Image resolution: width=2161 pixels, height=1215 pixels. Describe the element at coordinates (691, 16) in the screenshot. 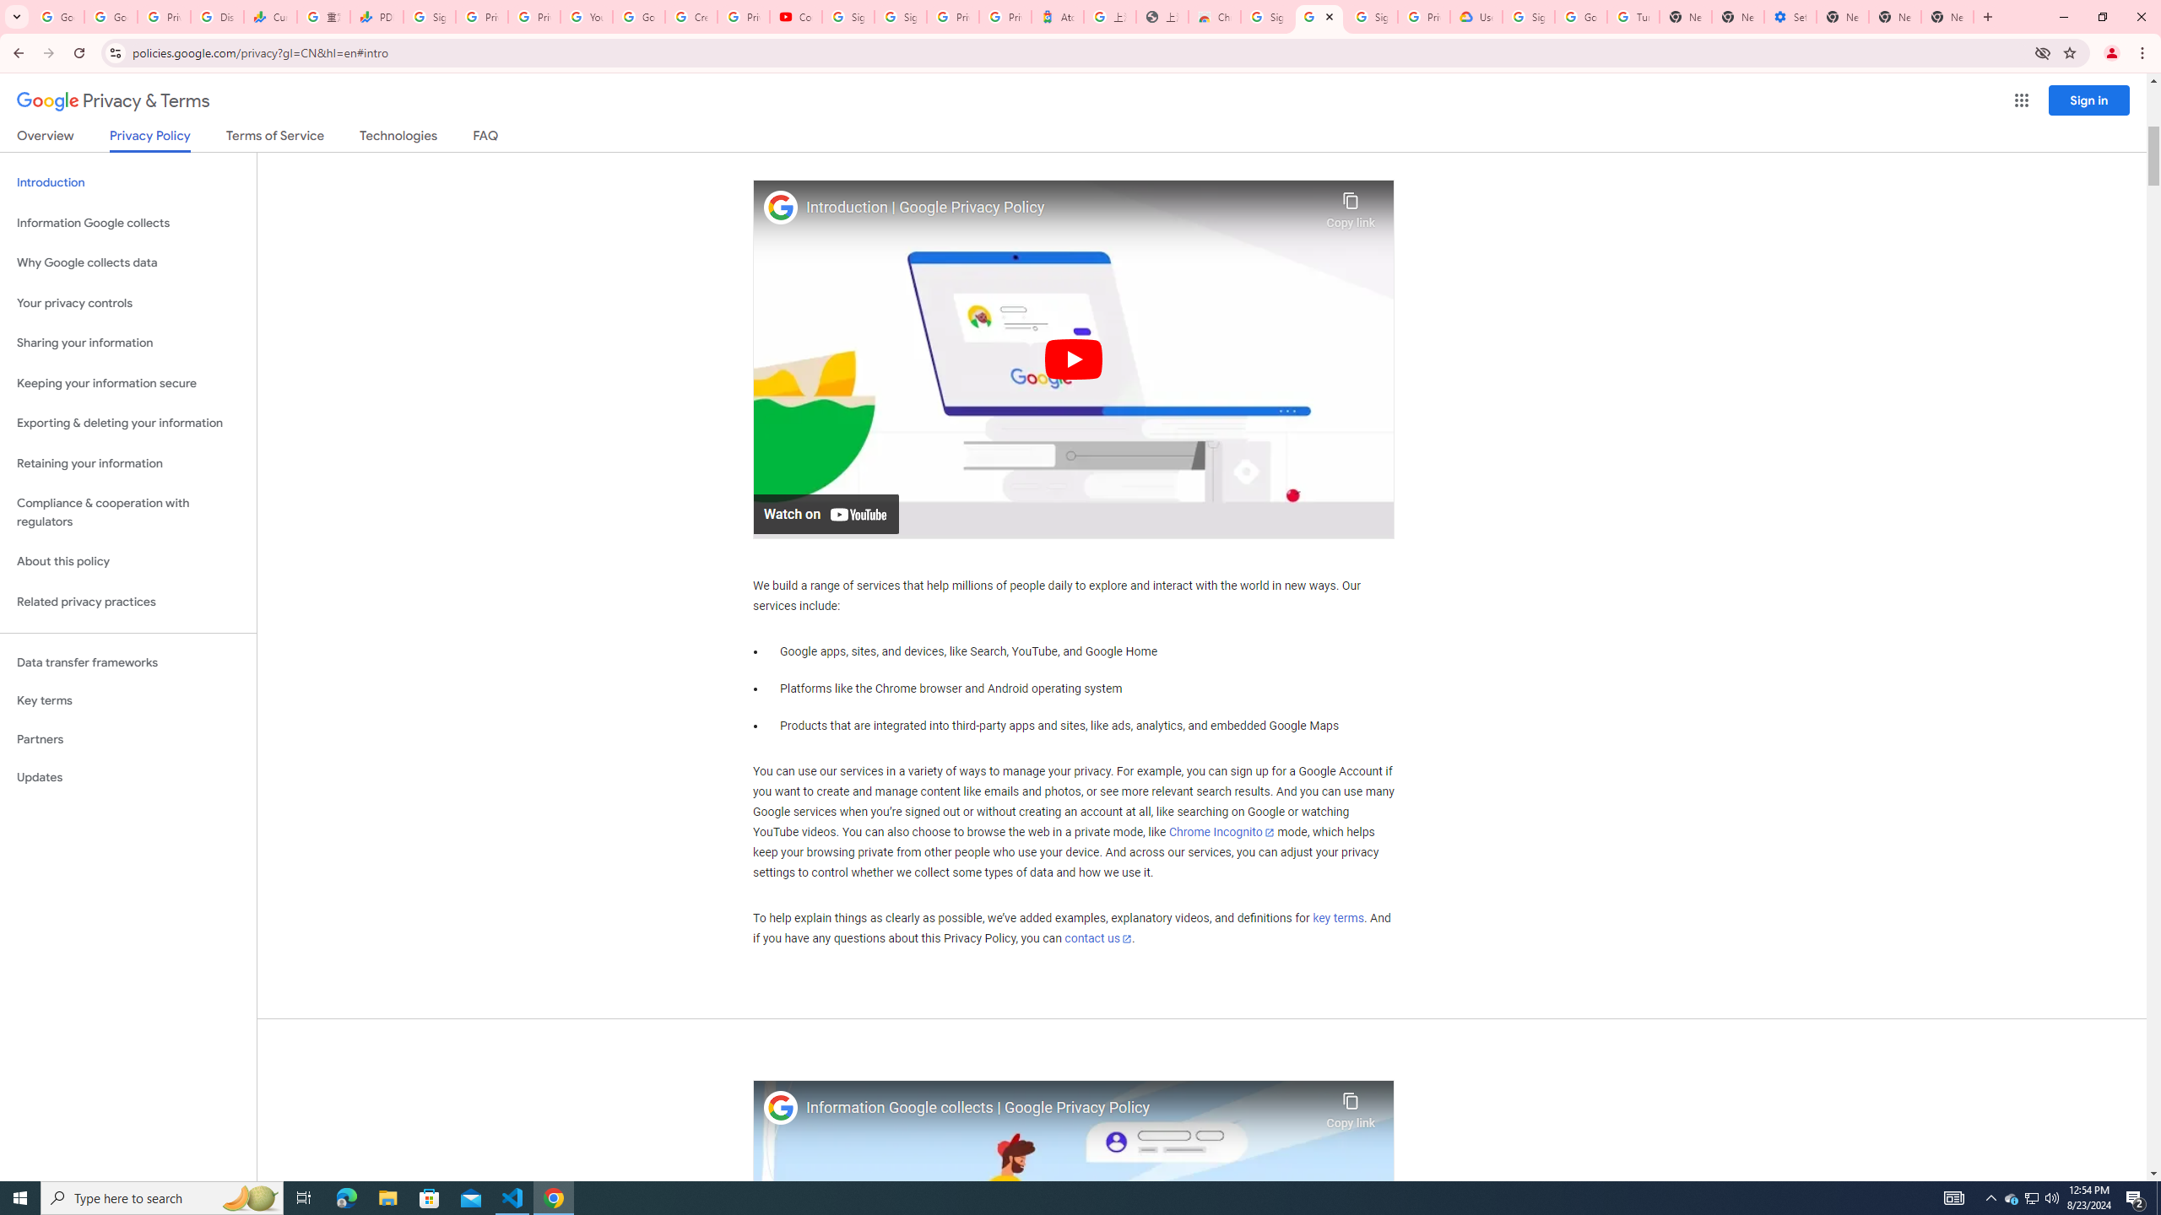

I see `'Create your Google Account'` at that location.